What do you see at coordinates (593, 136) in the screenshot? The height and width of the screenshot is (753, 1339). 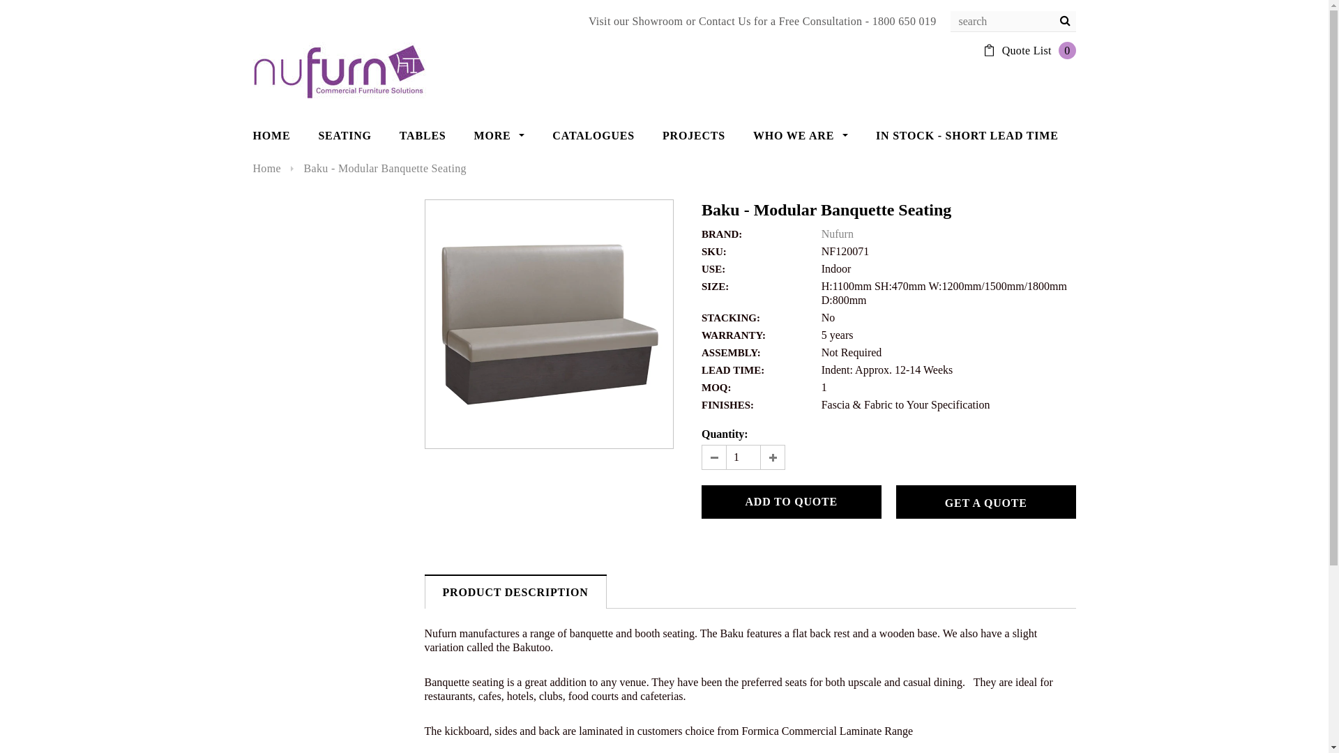 I see `'CATALOGUES'` at bounding box center [593, 136].